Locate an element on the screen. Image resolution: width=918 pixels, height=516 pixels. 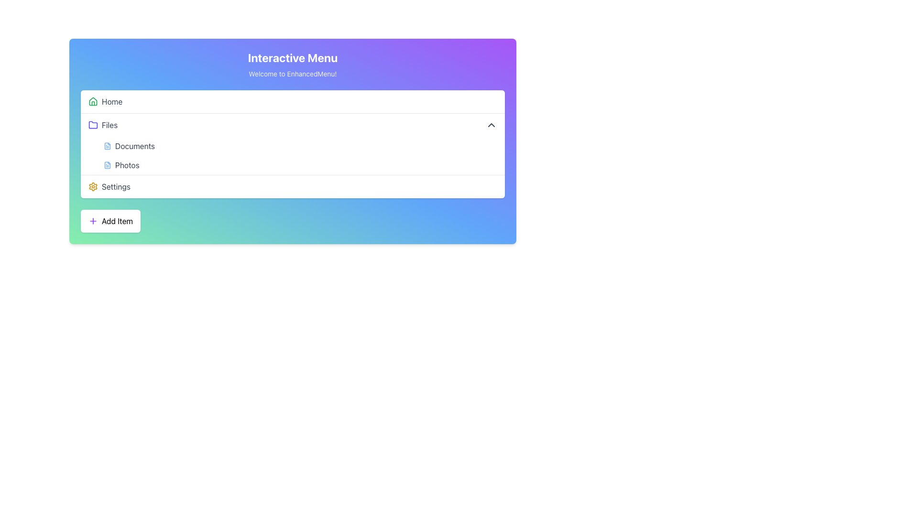
the 'Home' icon located at the top of the interactive menu component, which resembles a stylized house shape is located at coordinates (93, 101).